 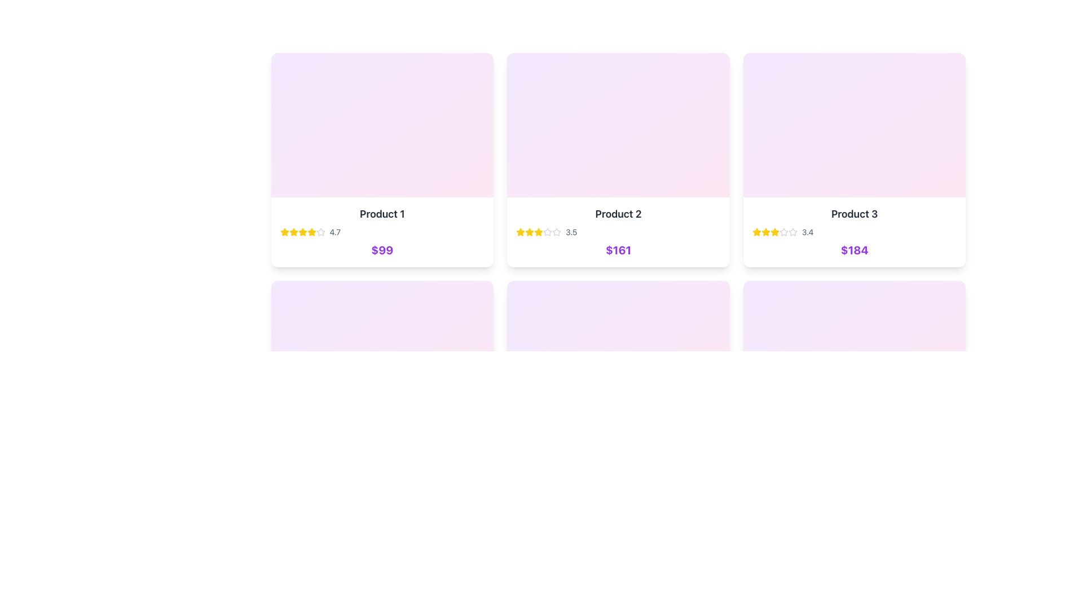 What do you see at coordinates (855, 249) in the screenshot?
I see `the price label displaying '$184' located at the bottom section of the card labeled 'Product 3', which is positioned to the rightmost within a row of three cards` at bounding box center [855, 249].